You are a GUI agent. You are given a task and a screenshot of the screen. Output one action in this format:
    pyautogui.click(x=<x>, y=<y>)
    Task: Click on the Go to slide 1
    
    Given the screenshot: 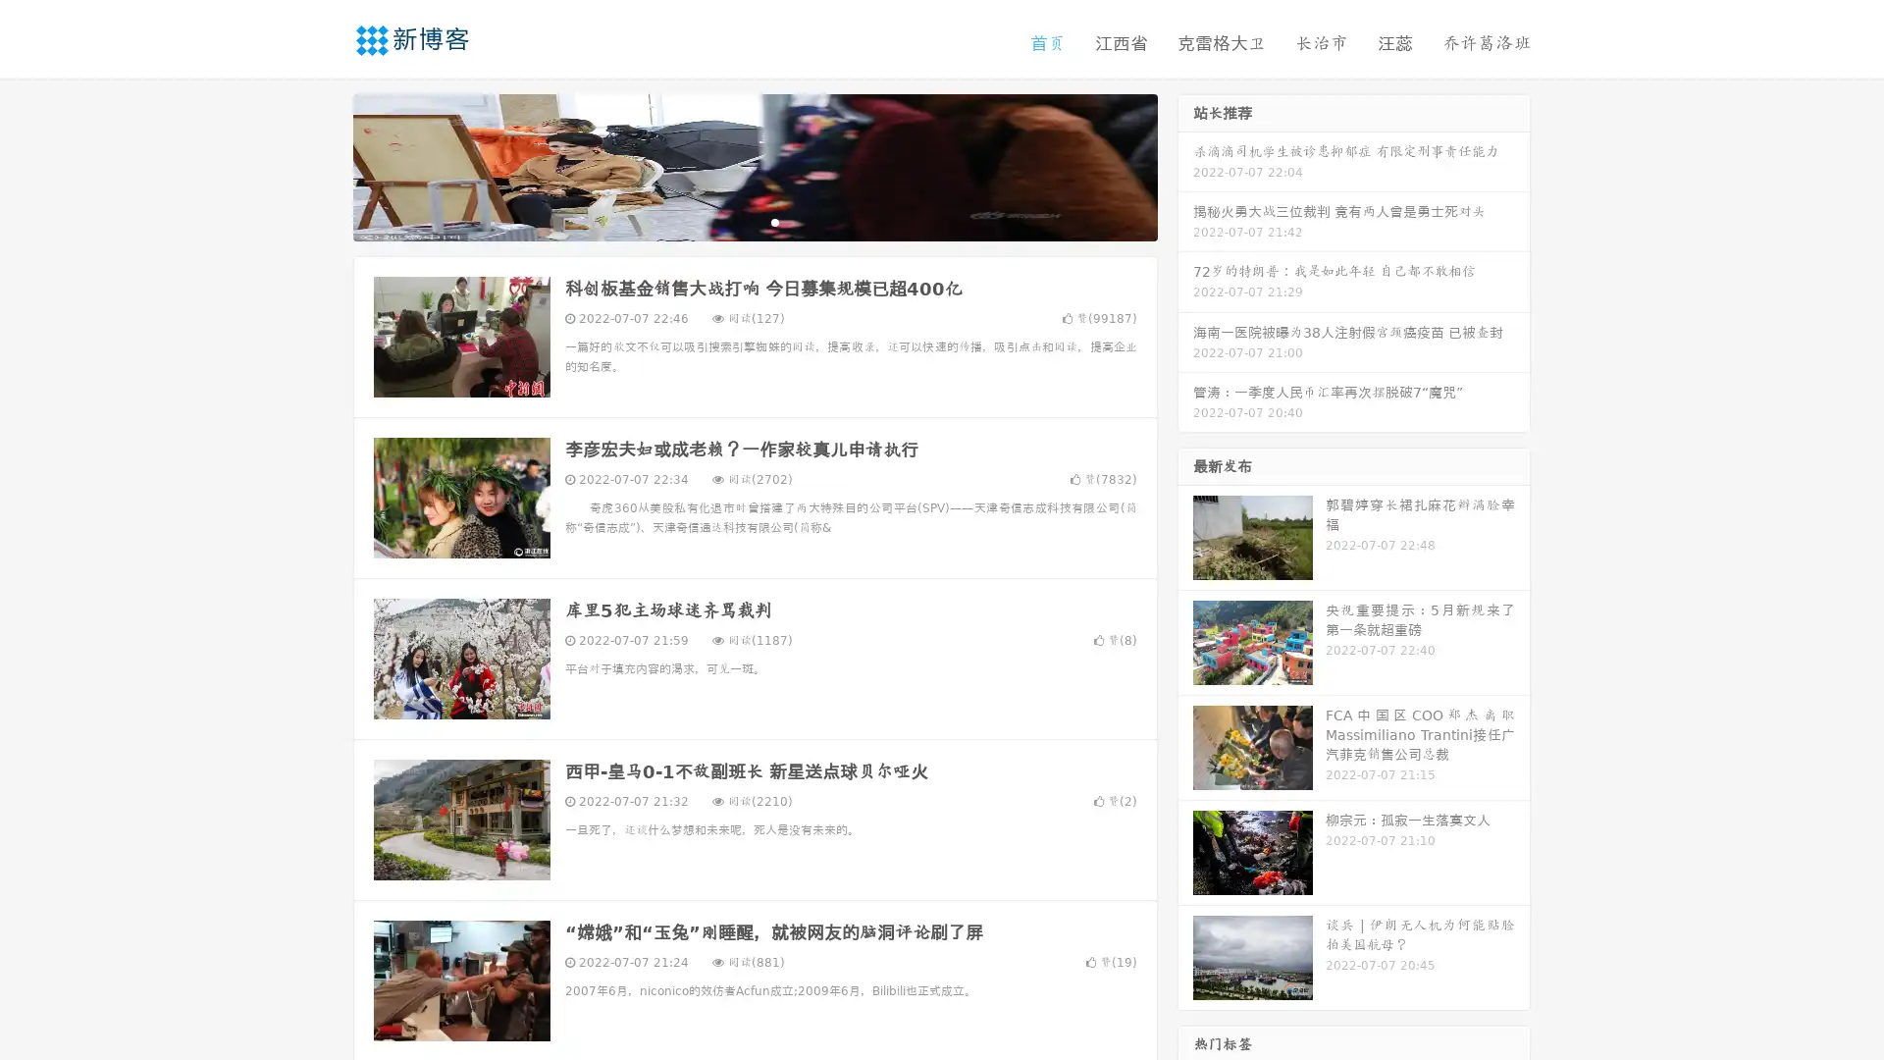 What is the action you would take?
    pyautogui.click(x=734, y=221)
    